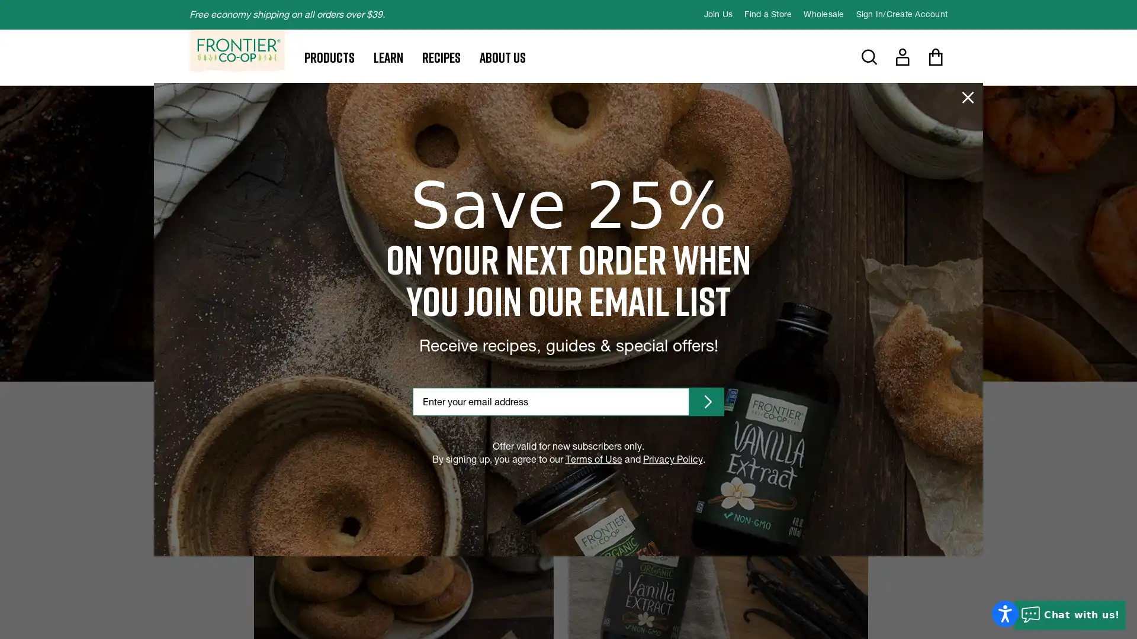  What do you see at coordinates (706, 401) in the screenshot?
I see `ltkpopup-arrow-btn` at bounding box center [706, 401].